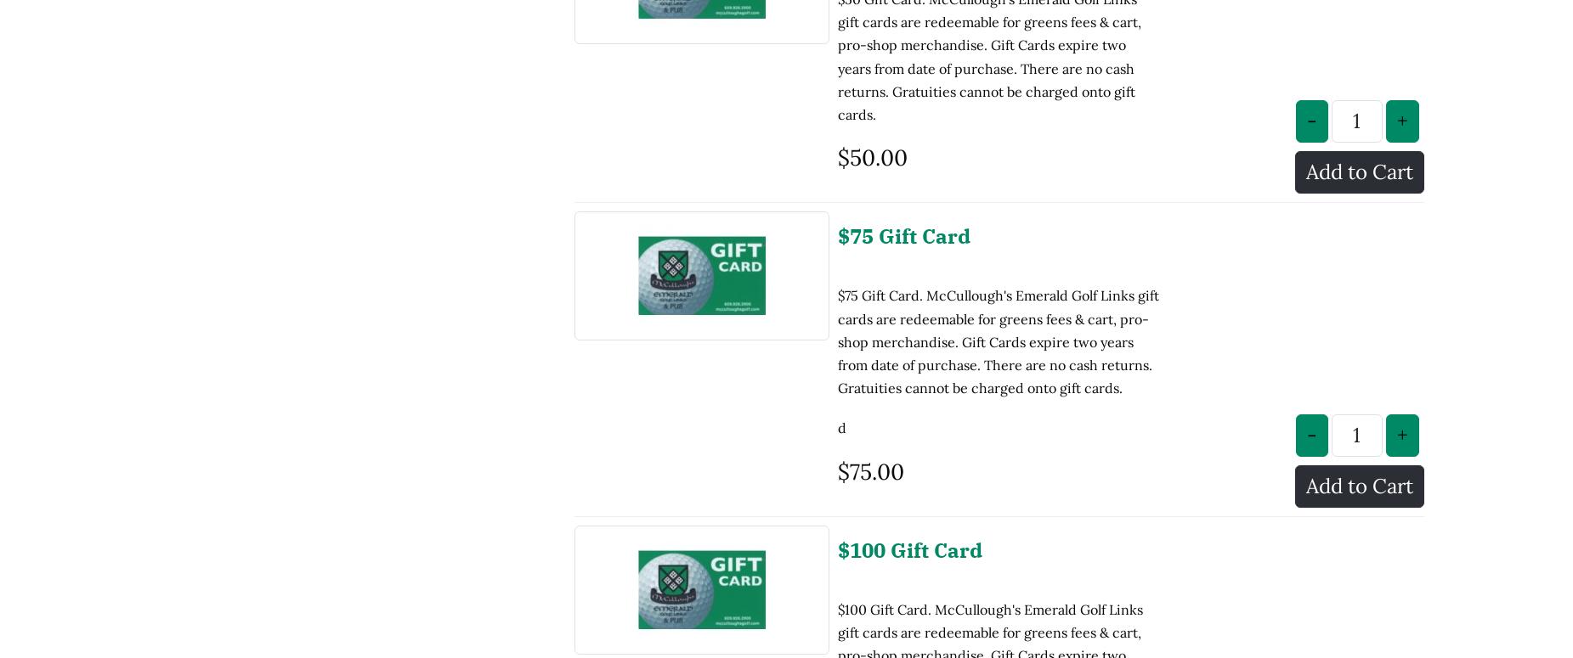 The height and width of the screenshot is (658, 1573). What do you see at coordinates (989, 526) in the screenshot?
I see `'$100 Gift Card. McCullough's Emerald Golf Links gift cards are redeemable for greens fees & cart, pro-shop merchandise. Gift Cards expire two years from date of purchase. There are no cash returns. Gratuities cannot be charged onto gift cards.'` at bounding box center [989, 526].